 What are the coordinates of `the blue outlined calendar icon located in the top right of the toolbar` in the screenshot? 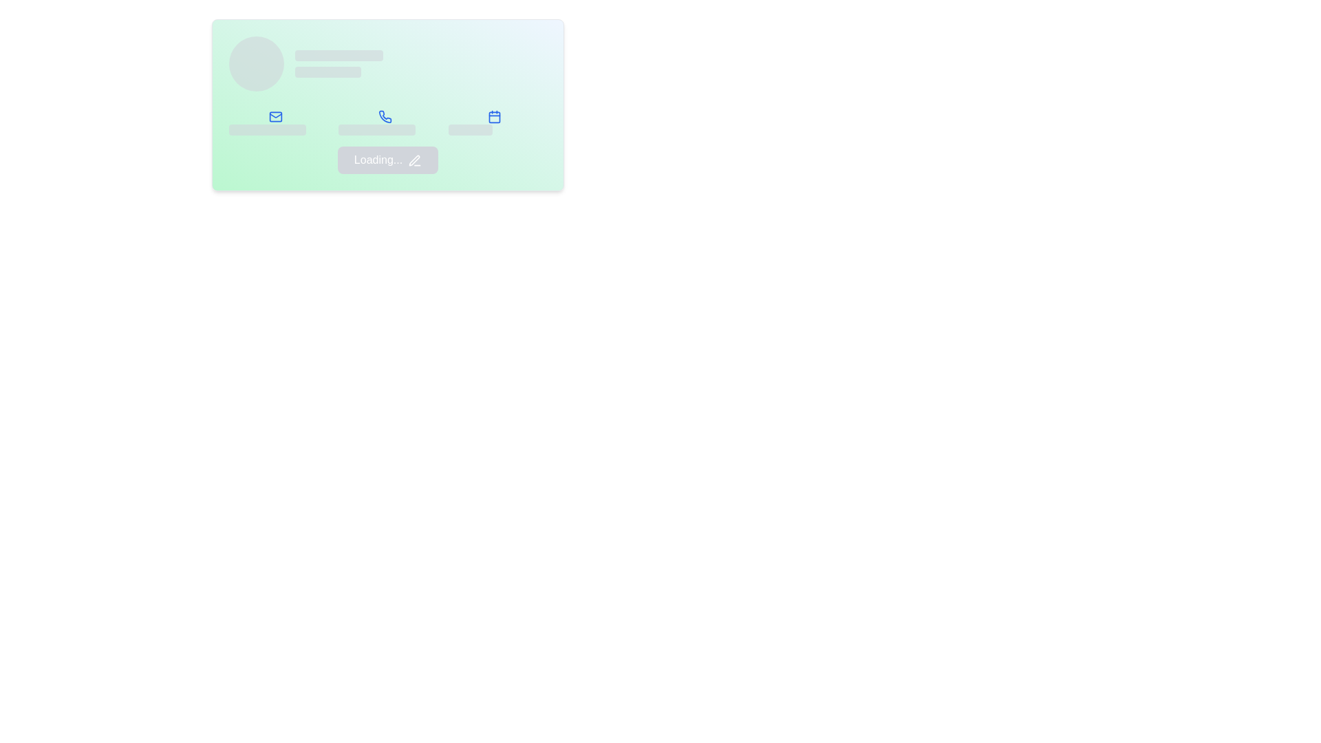 It's located at (495, 116).